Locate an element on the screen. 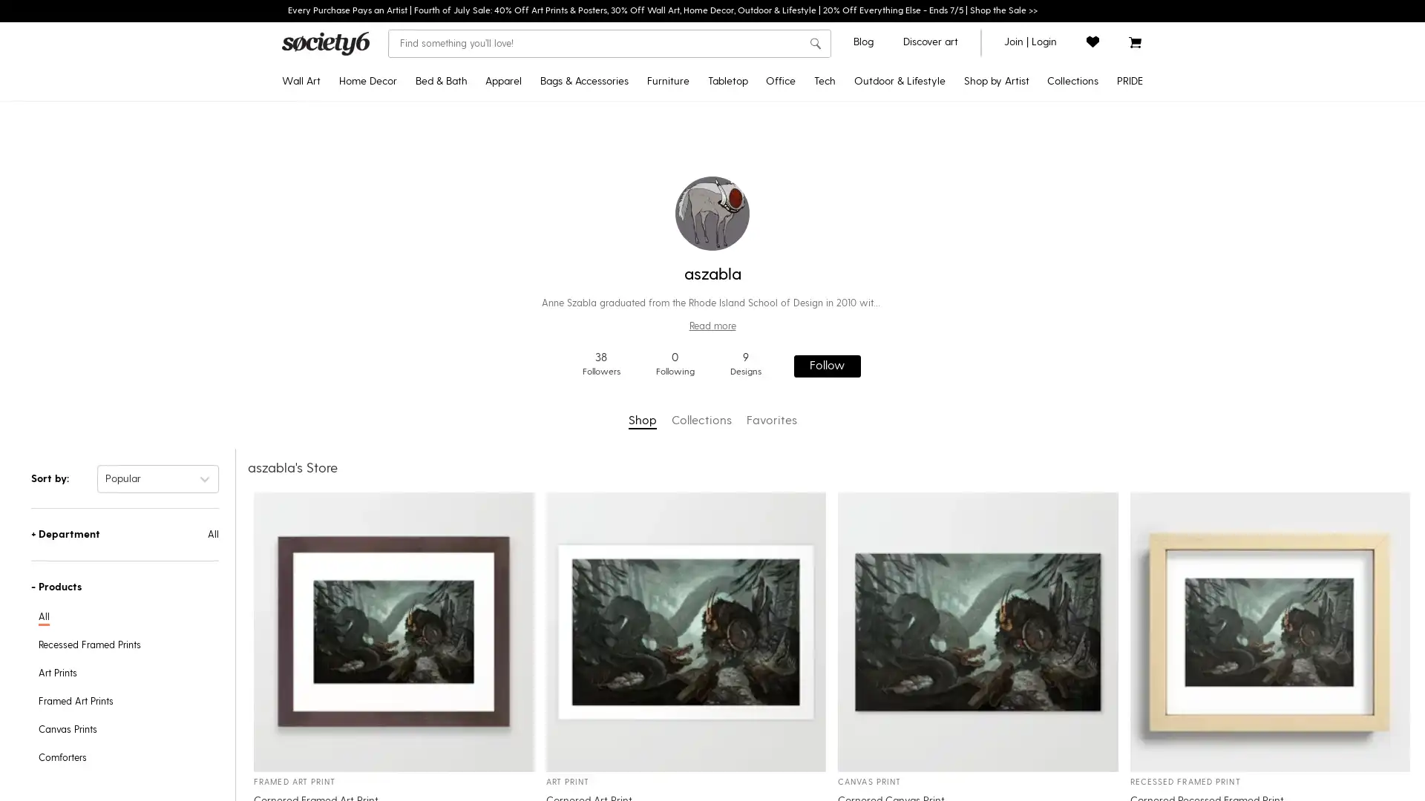 This screenshot has width=1425, height=801. Tablecloths is located at coordinates (755, 166).